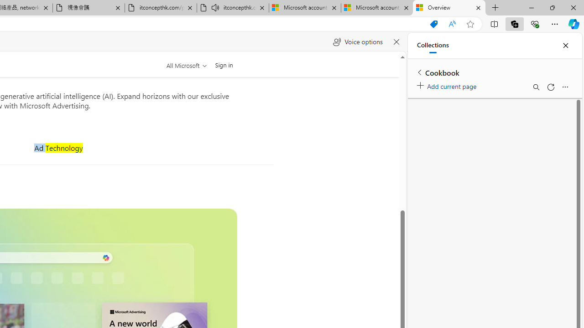  Describe the element at coordinates (58, 147) in the screenshot. I see `'Ad Technology'` at that location.